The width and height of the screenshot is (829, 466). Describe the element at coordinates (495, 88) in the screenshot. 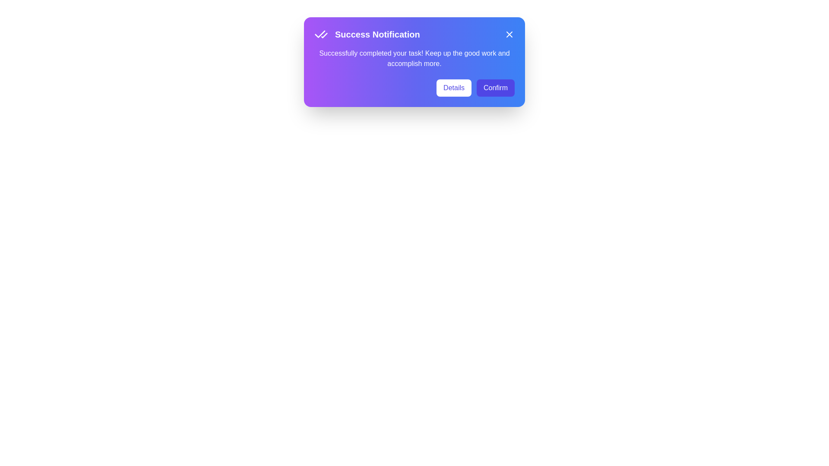

I see `the 'Confirm' button to acknowledge the notification` at that location.